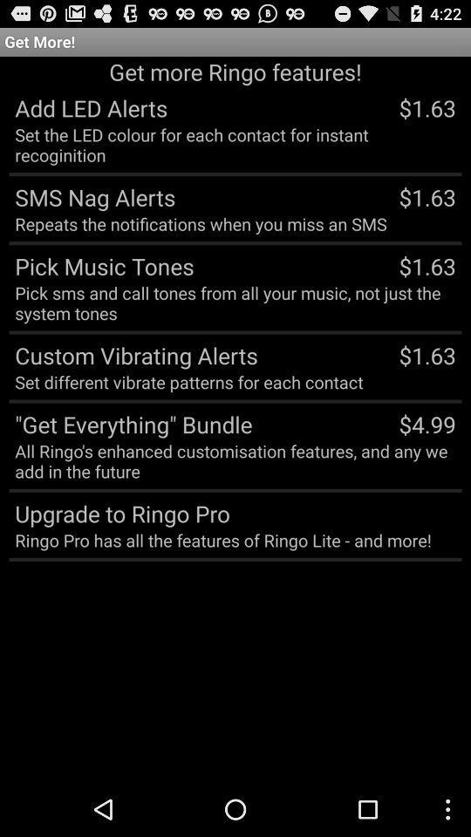  I want to click on the item below the pick sms and, so click(133, 354).